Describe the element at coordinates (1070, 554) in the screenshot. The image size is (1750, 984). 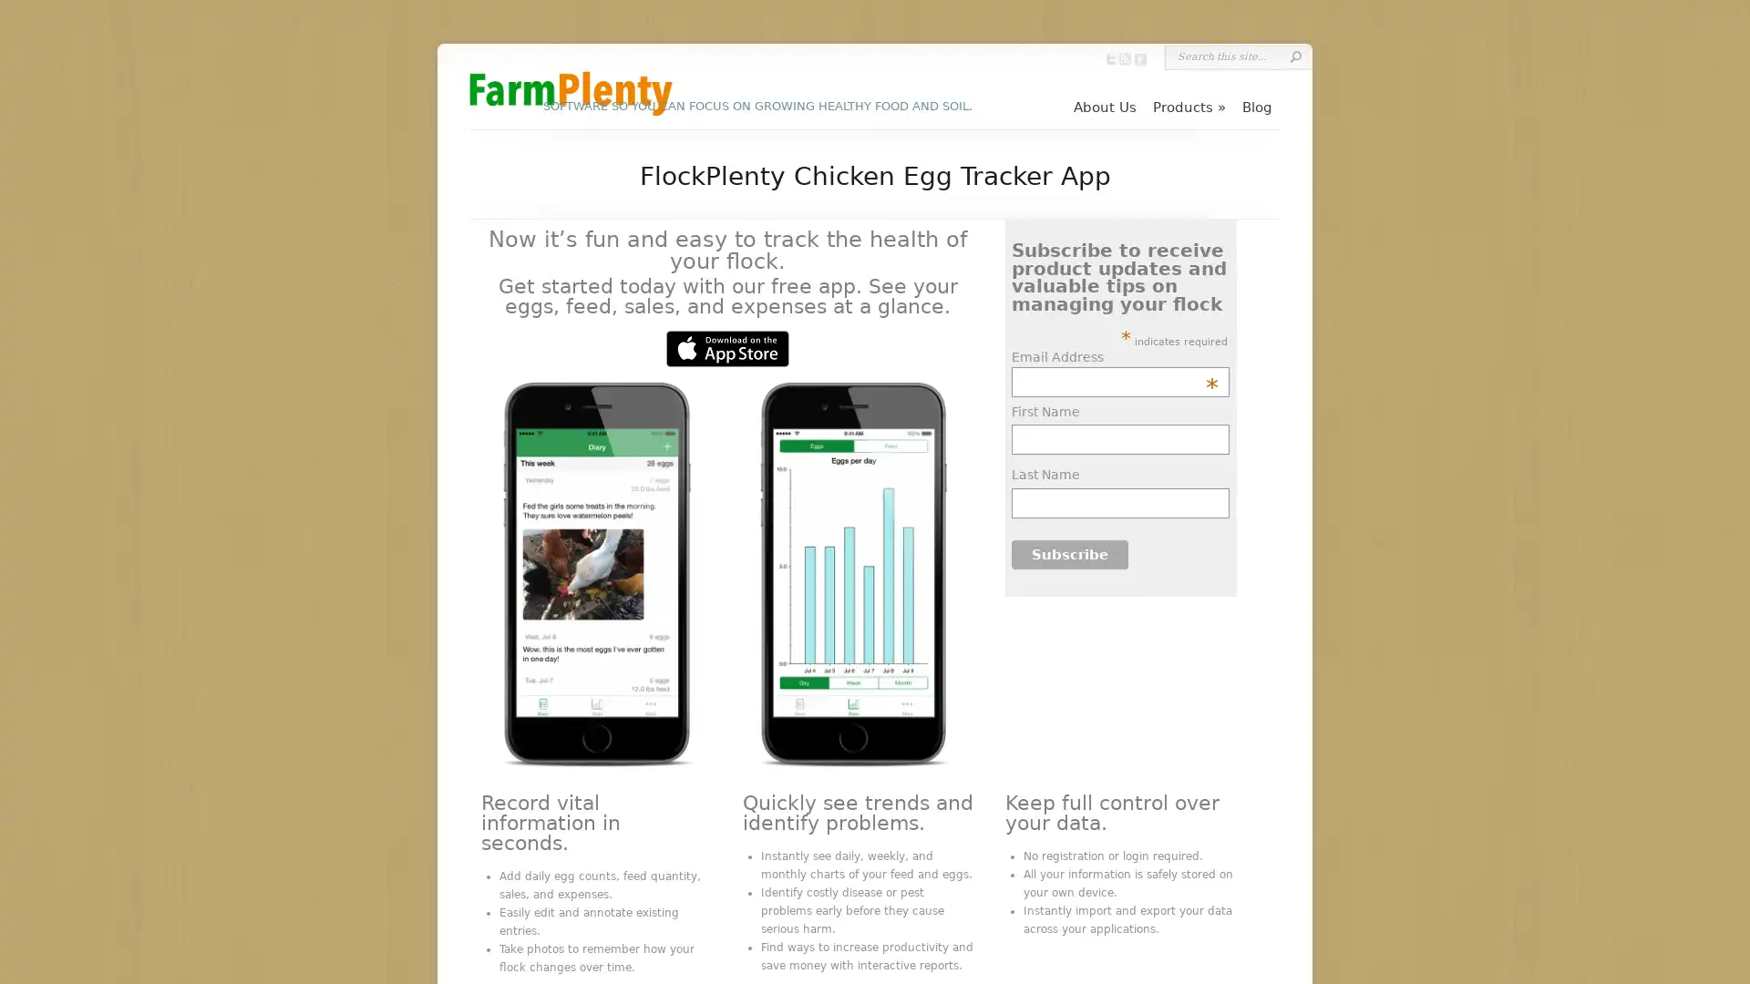
I see `Subscribe` at that location.